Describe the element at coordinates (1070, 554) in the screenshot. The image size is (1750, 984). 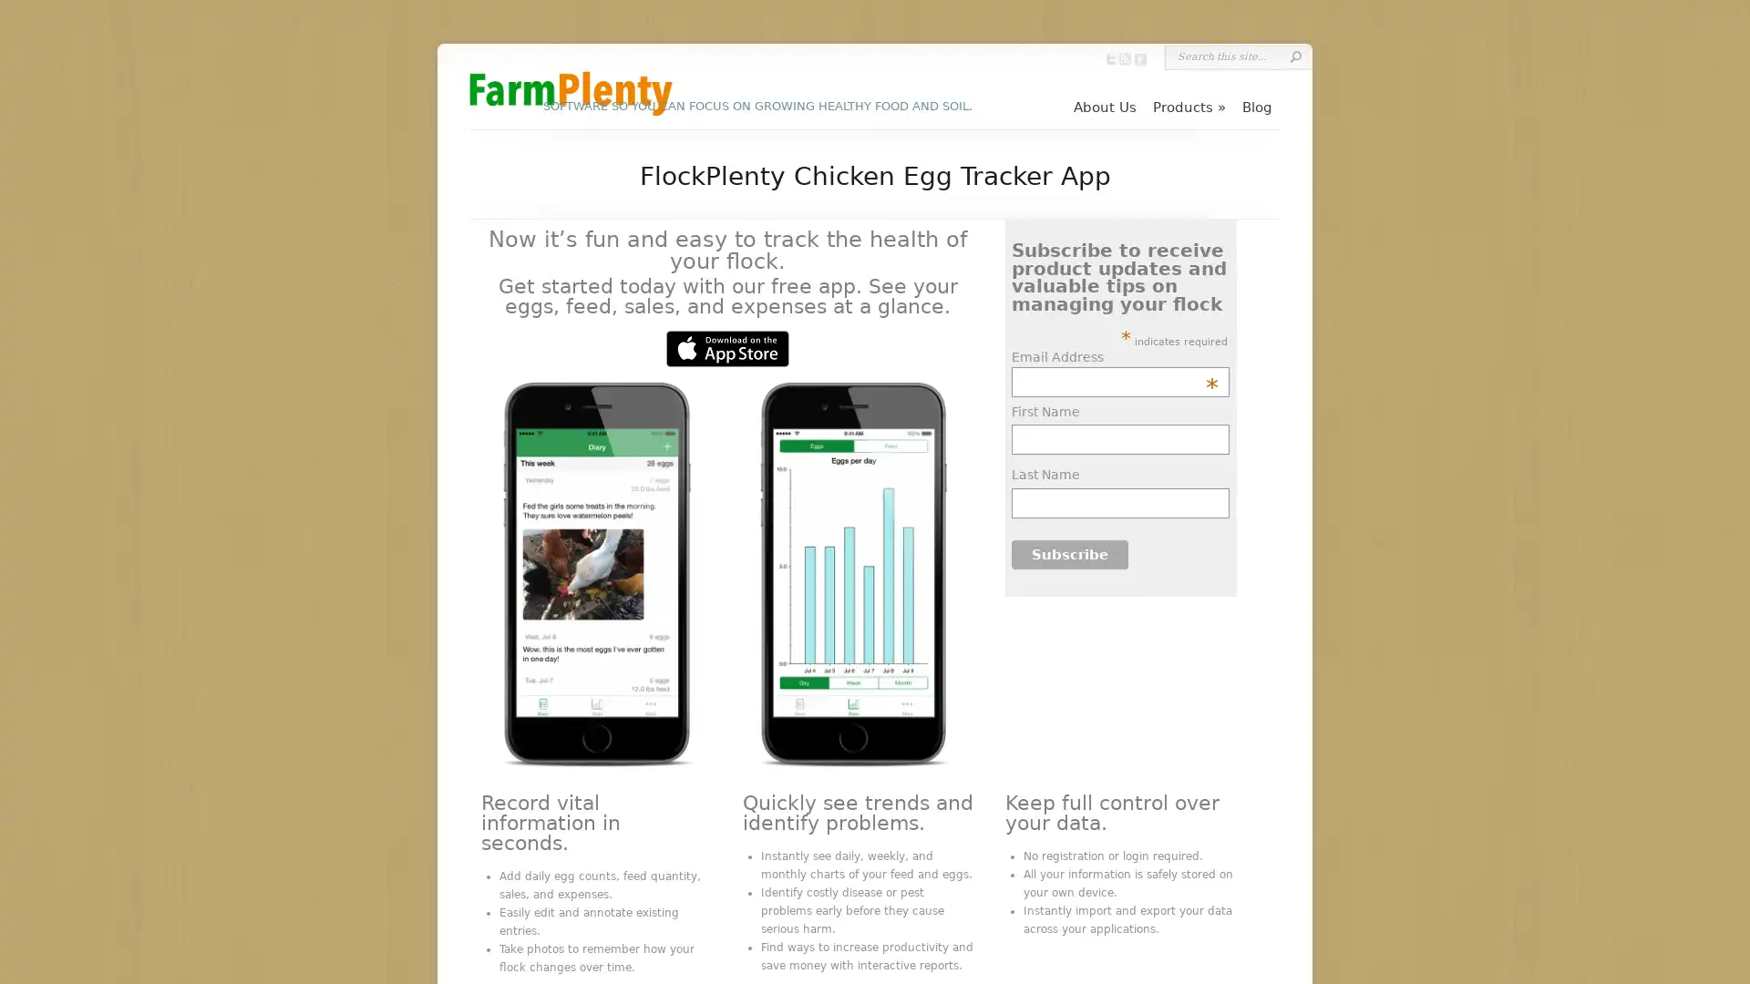
I see `Subscribe` at that location.